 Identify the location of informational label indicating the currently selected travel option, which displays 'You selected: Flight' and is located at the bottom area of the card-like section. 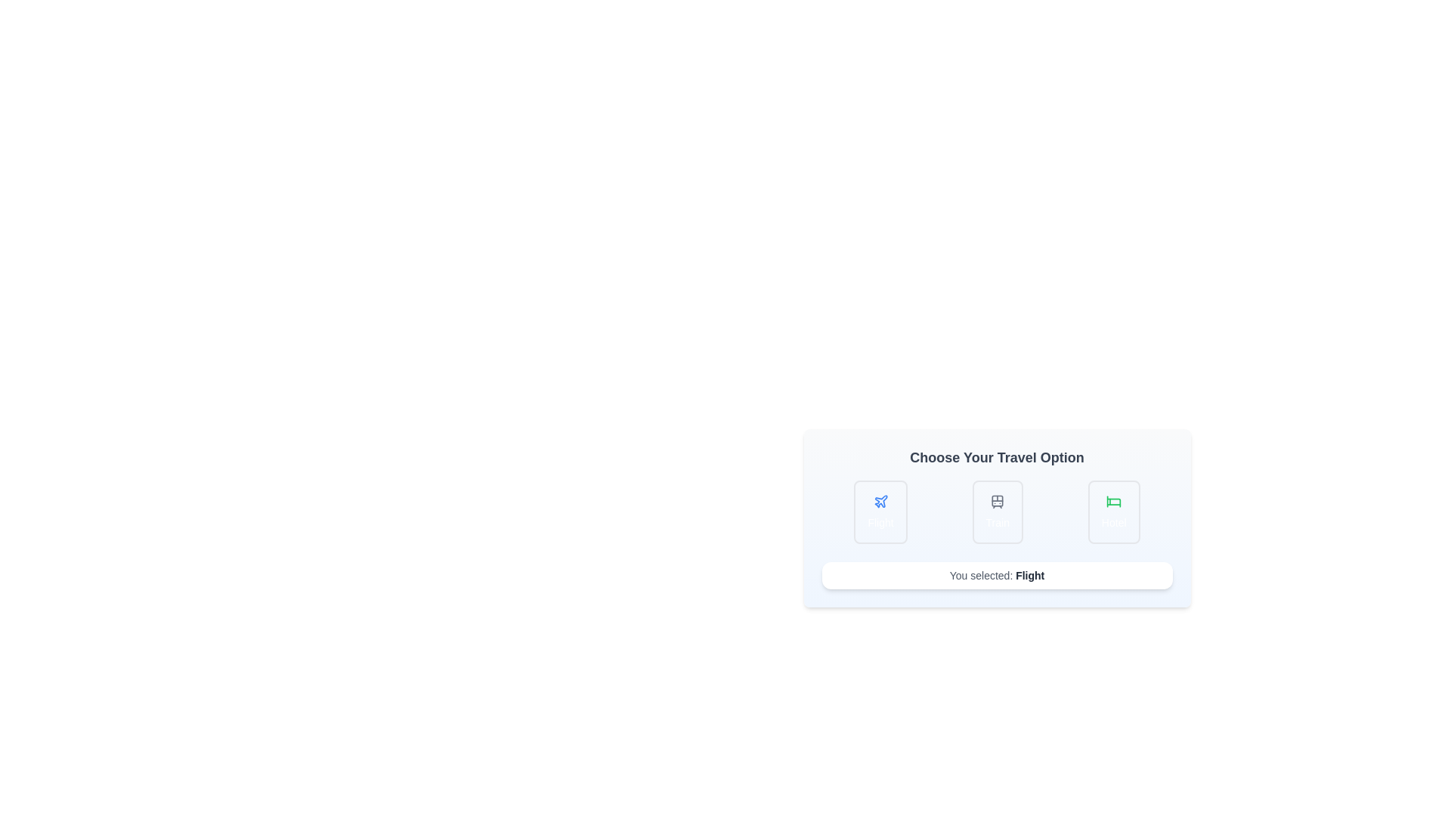
(1029, 576).